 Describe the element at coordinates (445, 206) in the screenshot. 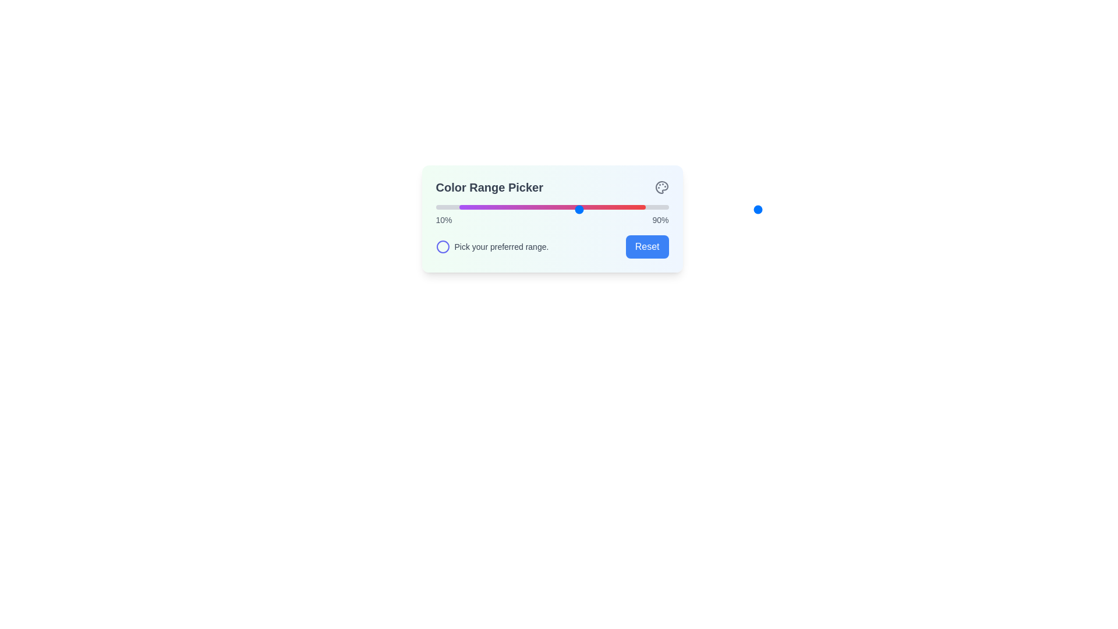

I see `the slider value` at that location.